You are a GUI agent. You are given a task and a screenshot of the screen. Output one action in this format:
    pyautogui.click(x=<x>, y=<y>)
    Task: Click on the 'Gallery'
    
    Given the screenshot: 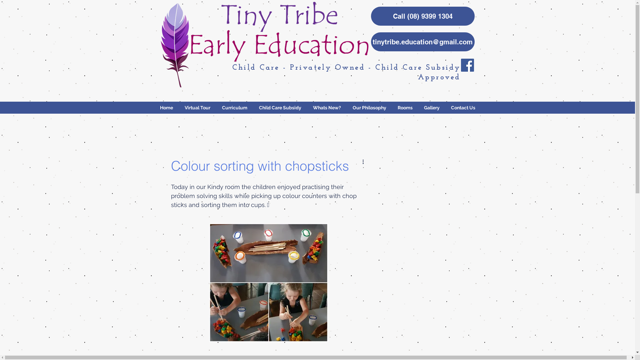 What is the action you would take?
    pyautogui.click(x=431, y=107)
    